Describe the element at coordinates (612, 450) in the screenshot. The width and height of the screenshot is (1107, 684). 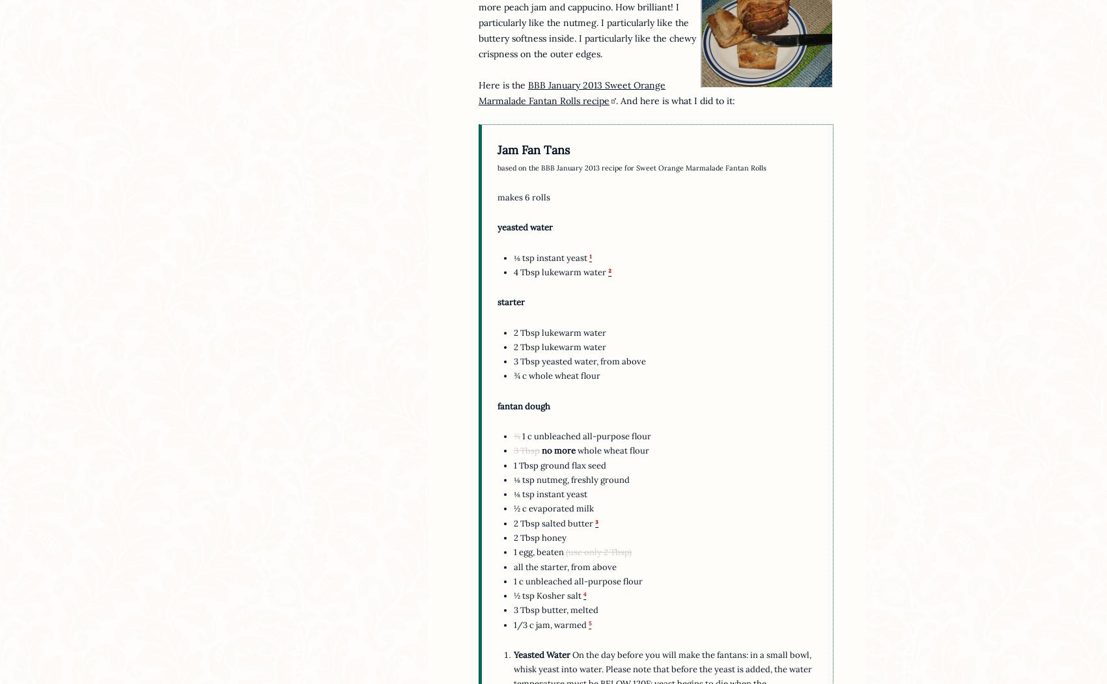
I see `'whole wheat flour'` at that location.